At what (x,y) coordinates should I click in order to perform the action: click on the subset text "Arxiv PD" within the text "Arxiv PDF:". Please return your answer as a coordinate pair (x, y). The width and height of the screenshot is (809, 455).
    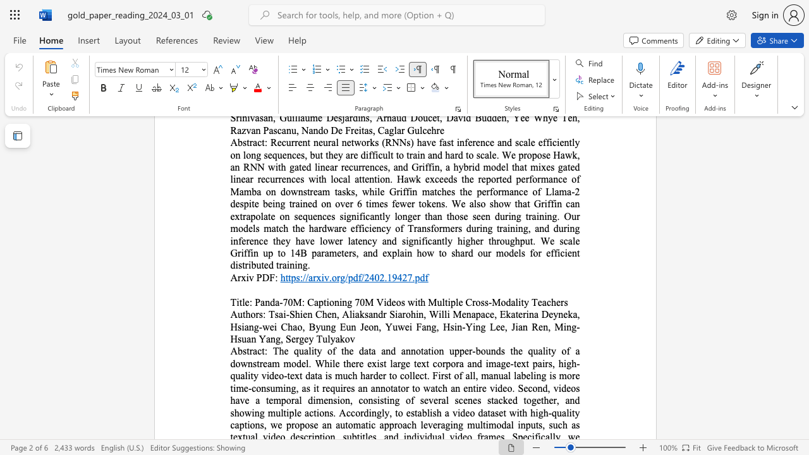
    Looking at the image, I should click on (230, 277).